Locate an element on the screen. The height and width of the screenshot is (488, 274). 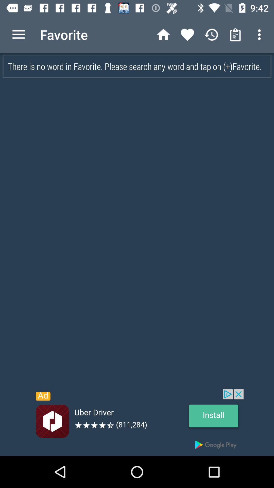
install uber driver app is located at coordinates (137, 422).